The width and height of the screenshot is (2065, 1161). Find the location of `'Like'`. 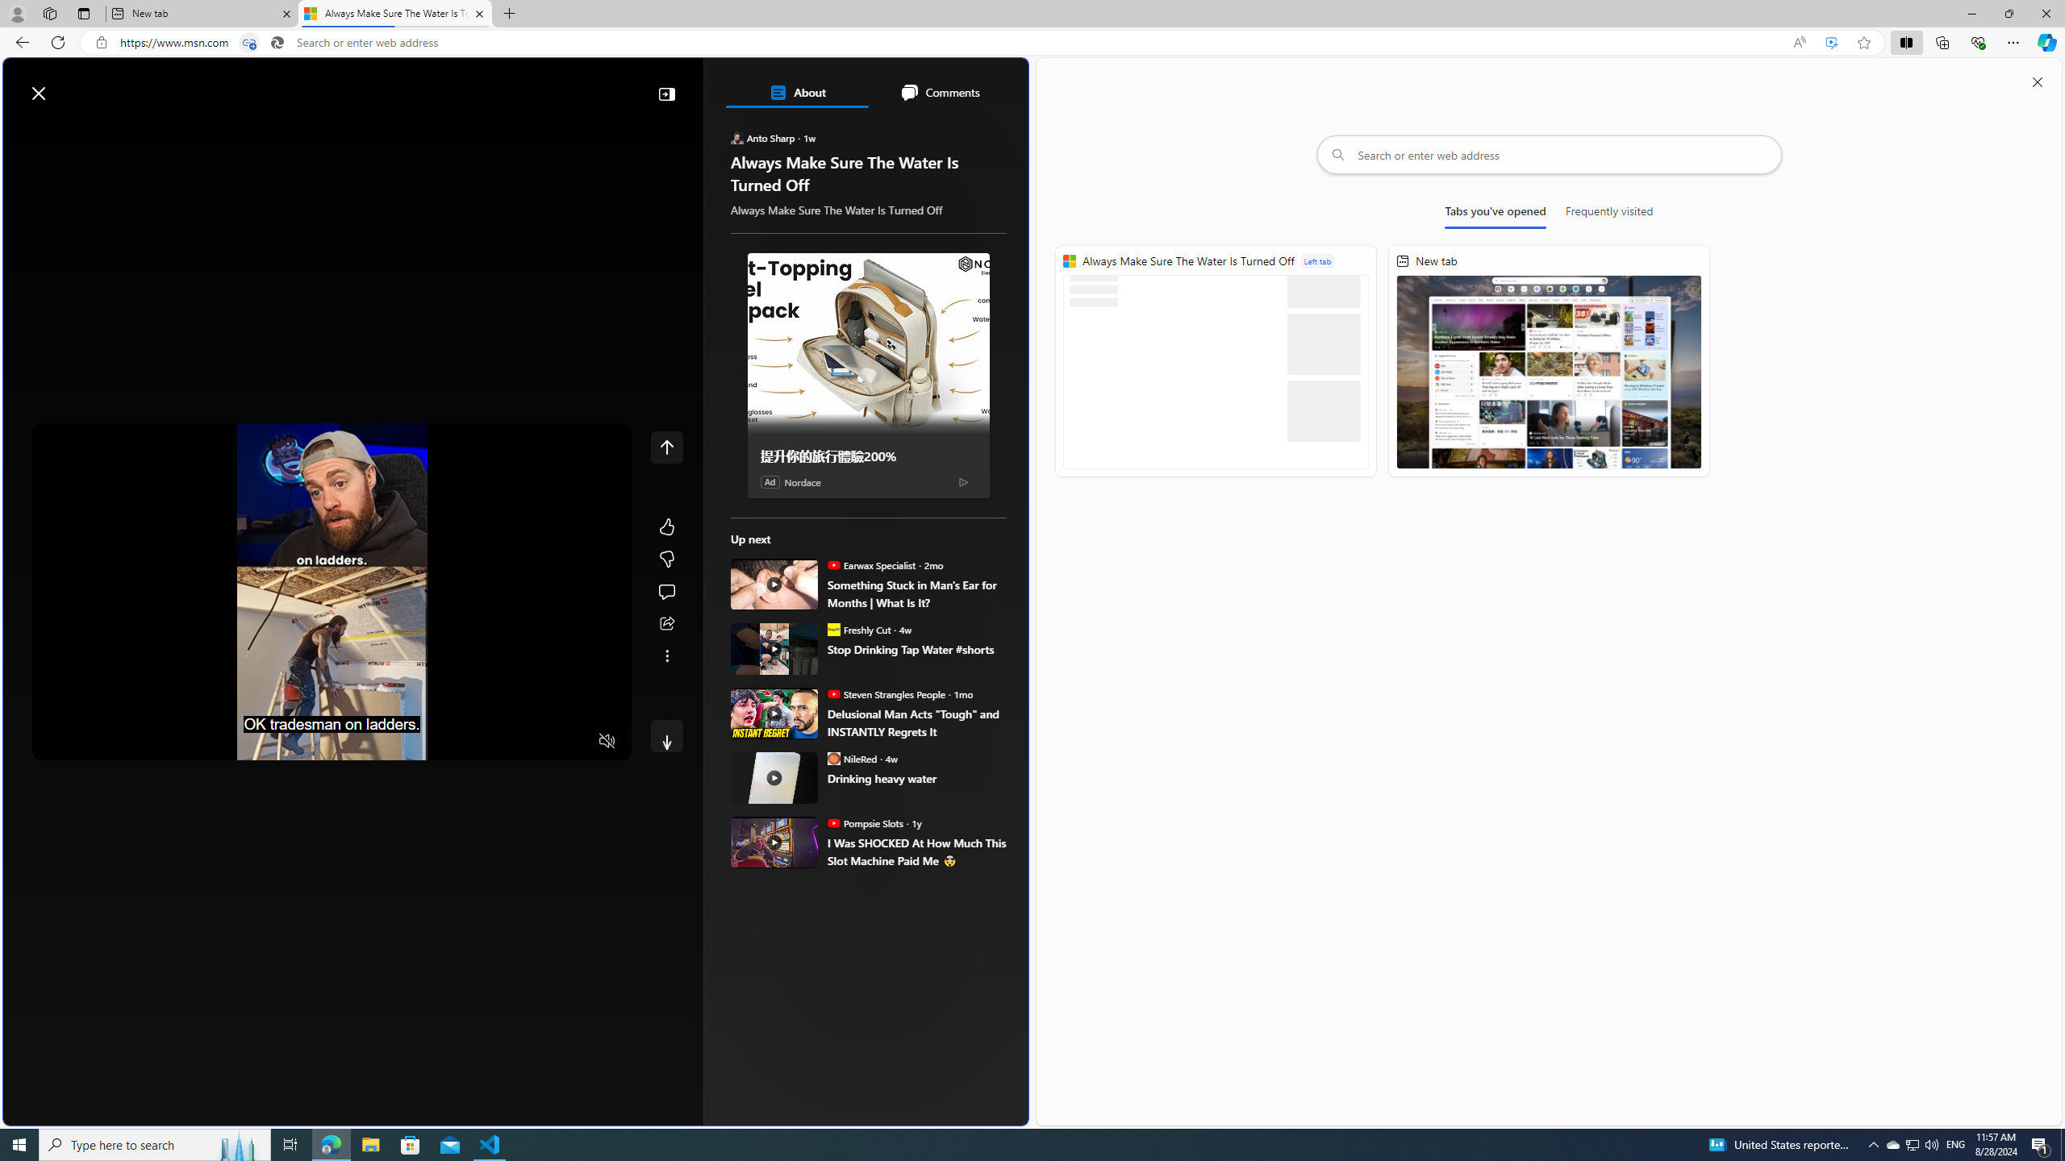

'Like' is located at coordinates (666, 526).